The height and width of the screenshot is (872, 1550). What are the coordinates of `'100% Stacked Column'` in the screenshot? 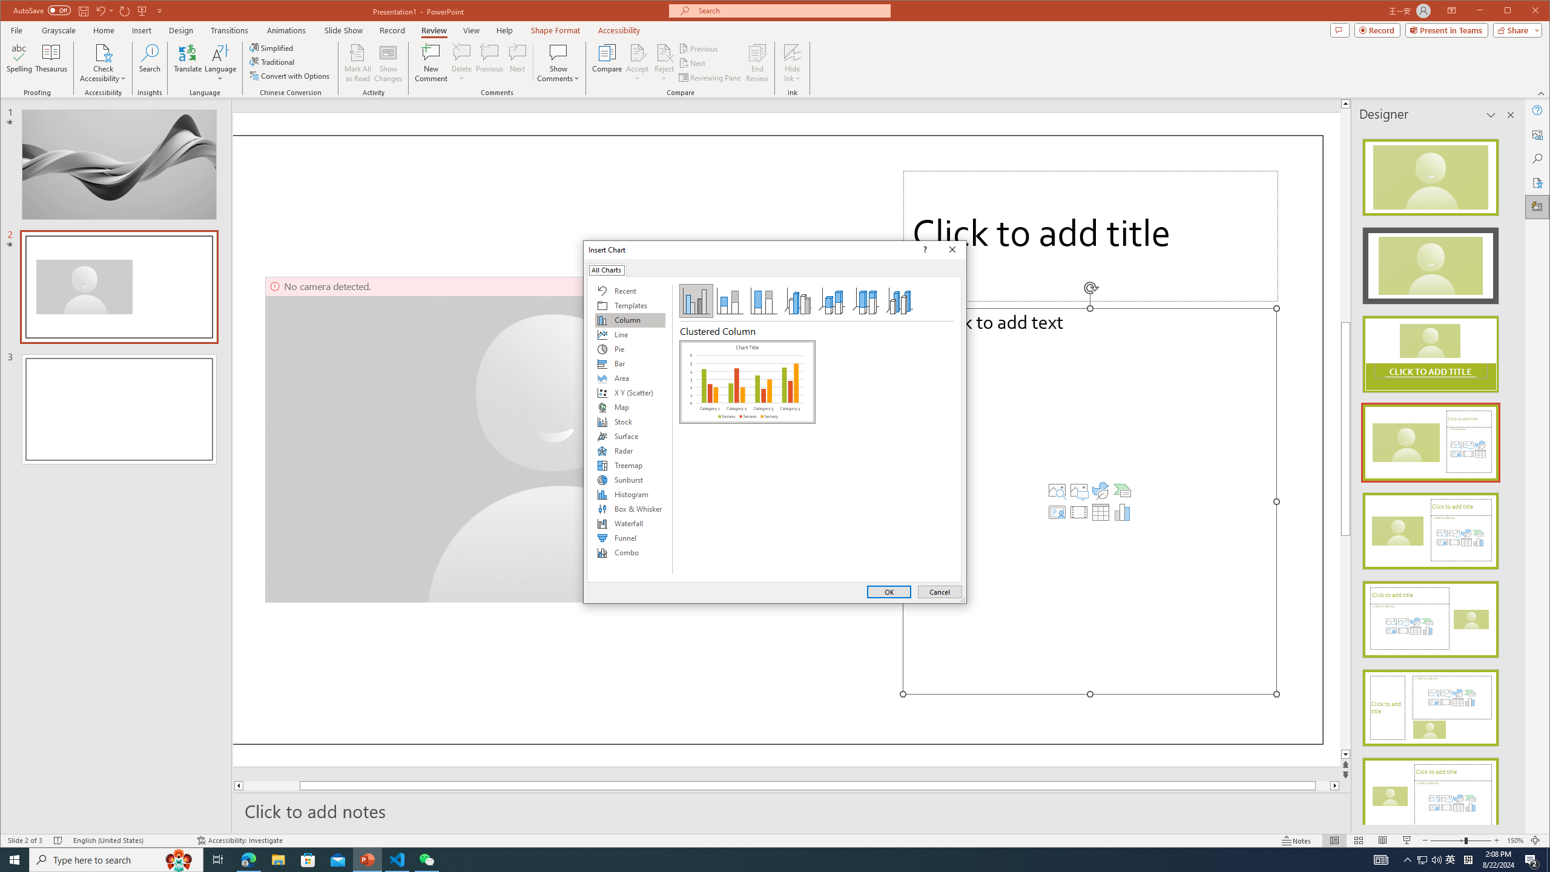 It's located at (763, 301).